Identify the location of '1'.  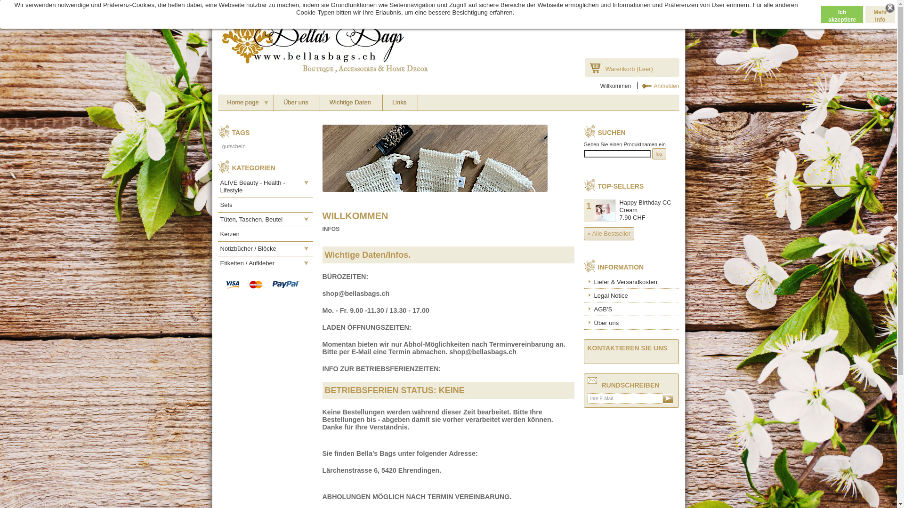
(599, 210).